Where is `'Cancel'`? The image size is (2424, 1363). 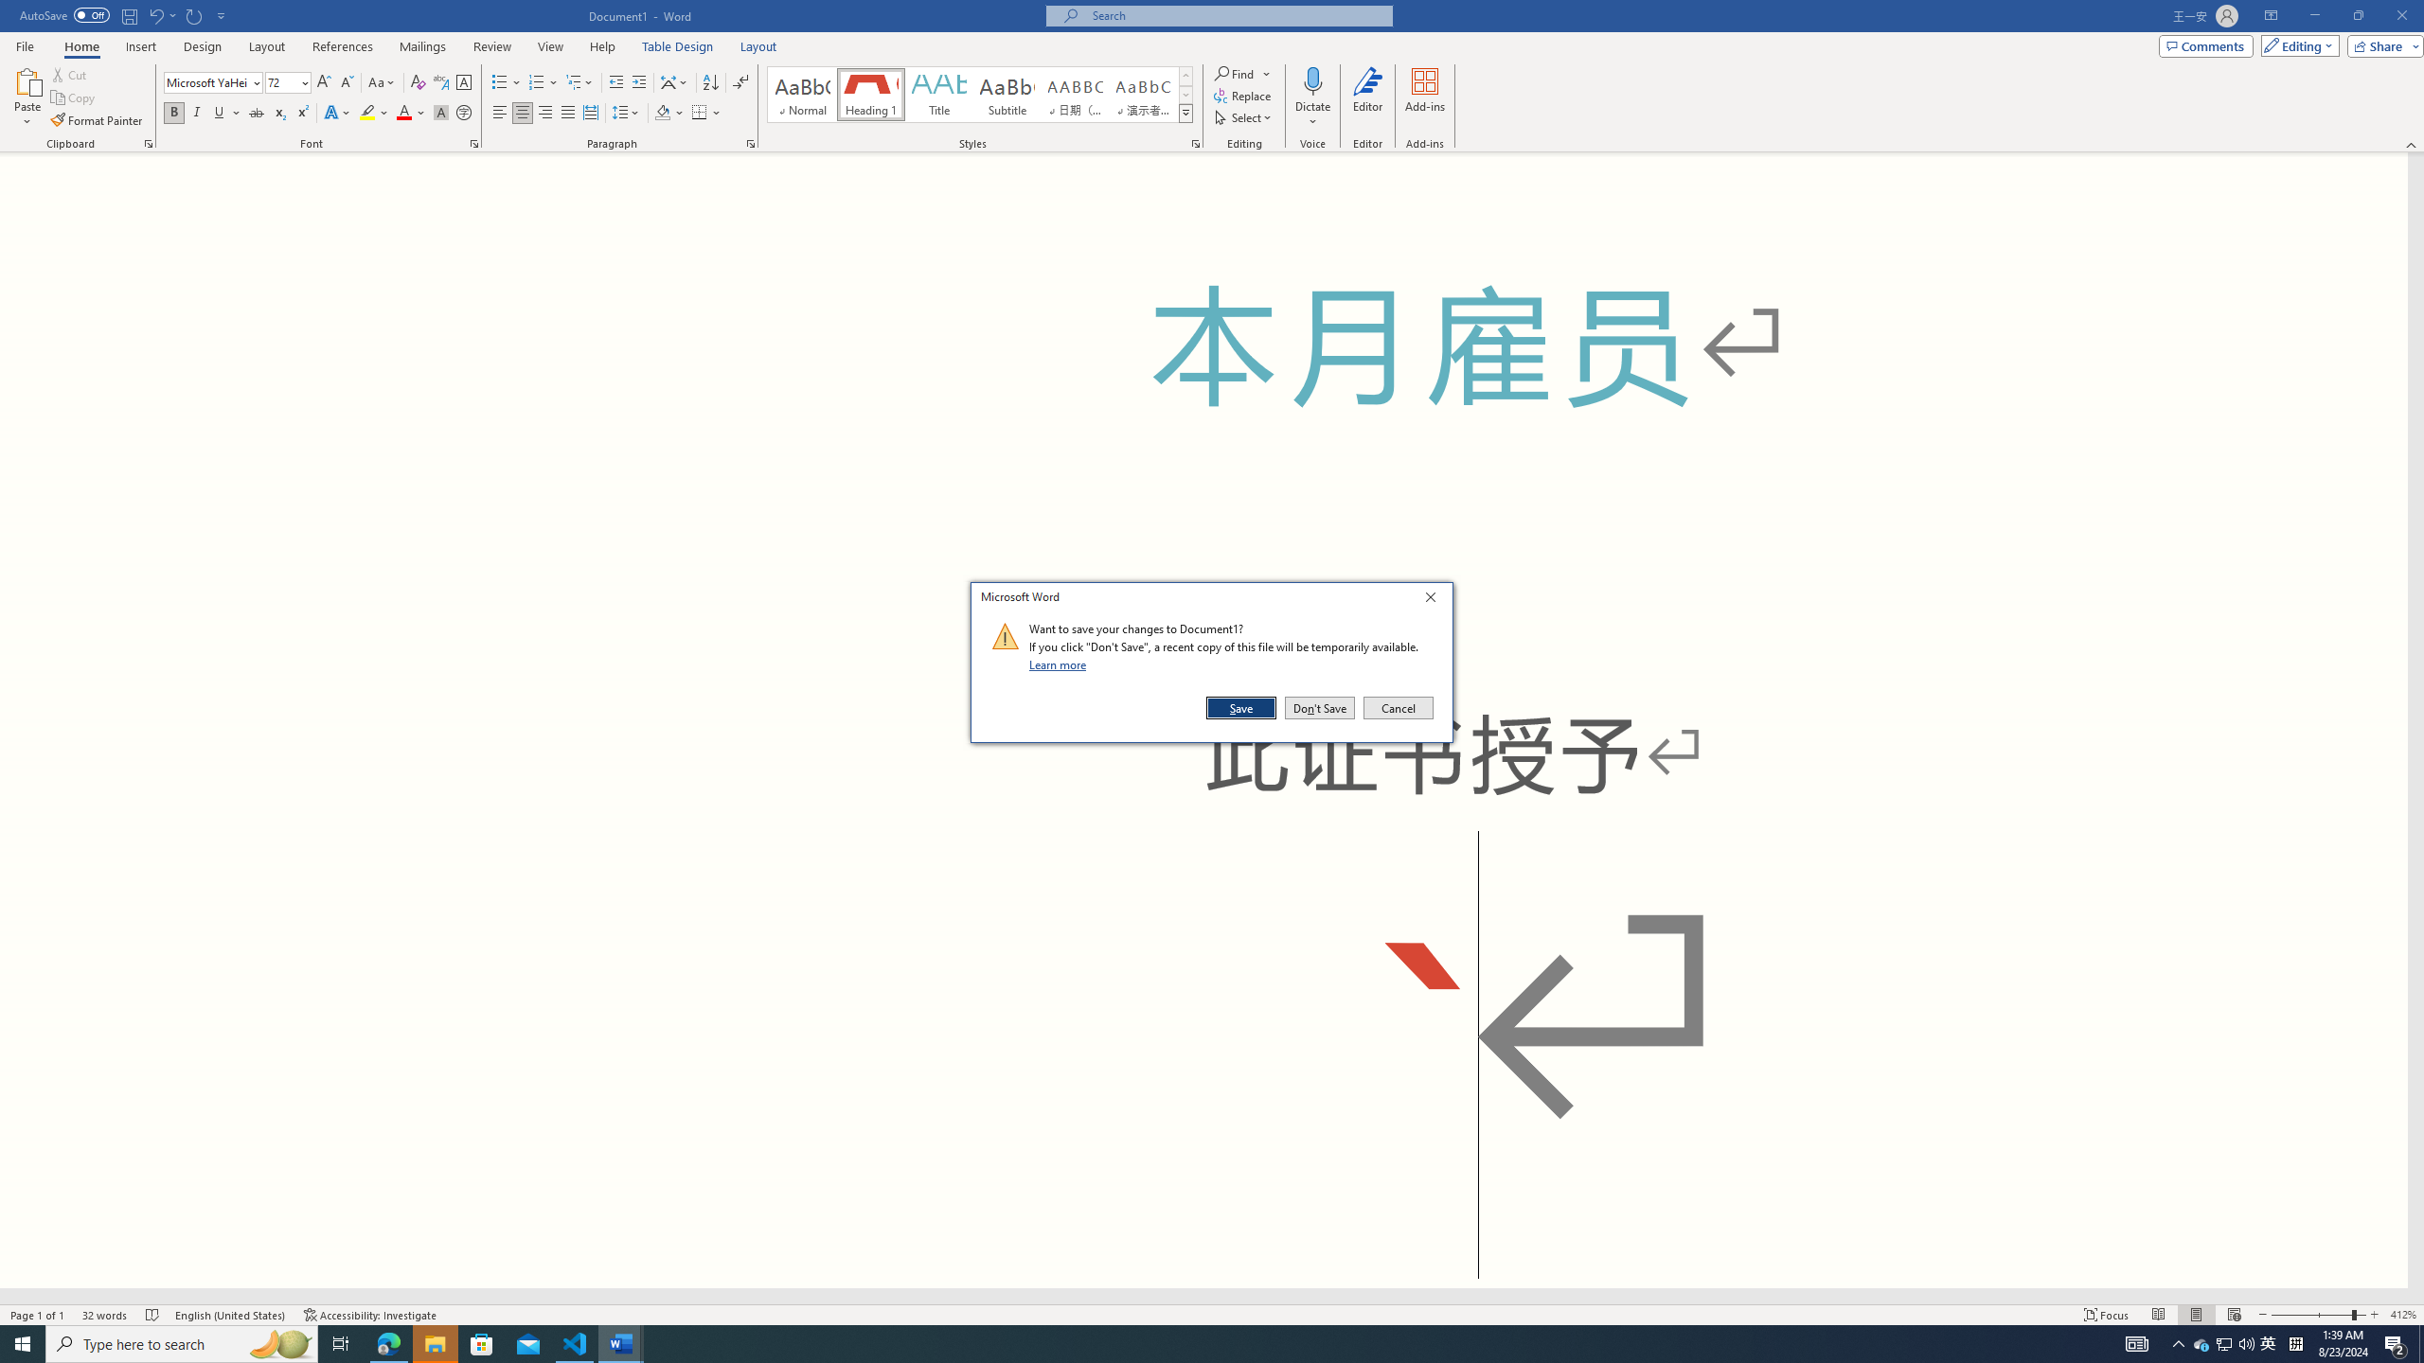 'Cancel' is located at coordinates (1397, 707).